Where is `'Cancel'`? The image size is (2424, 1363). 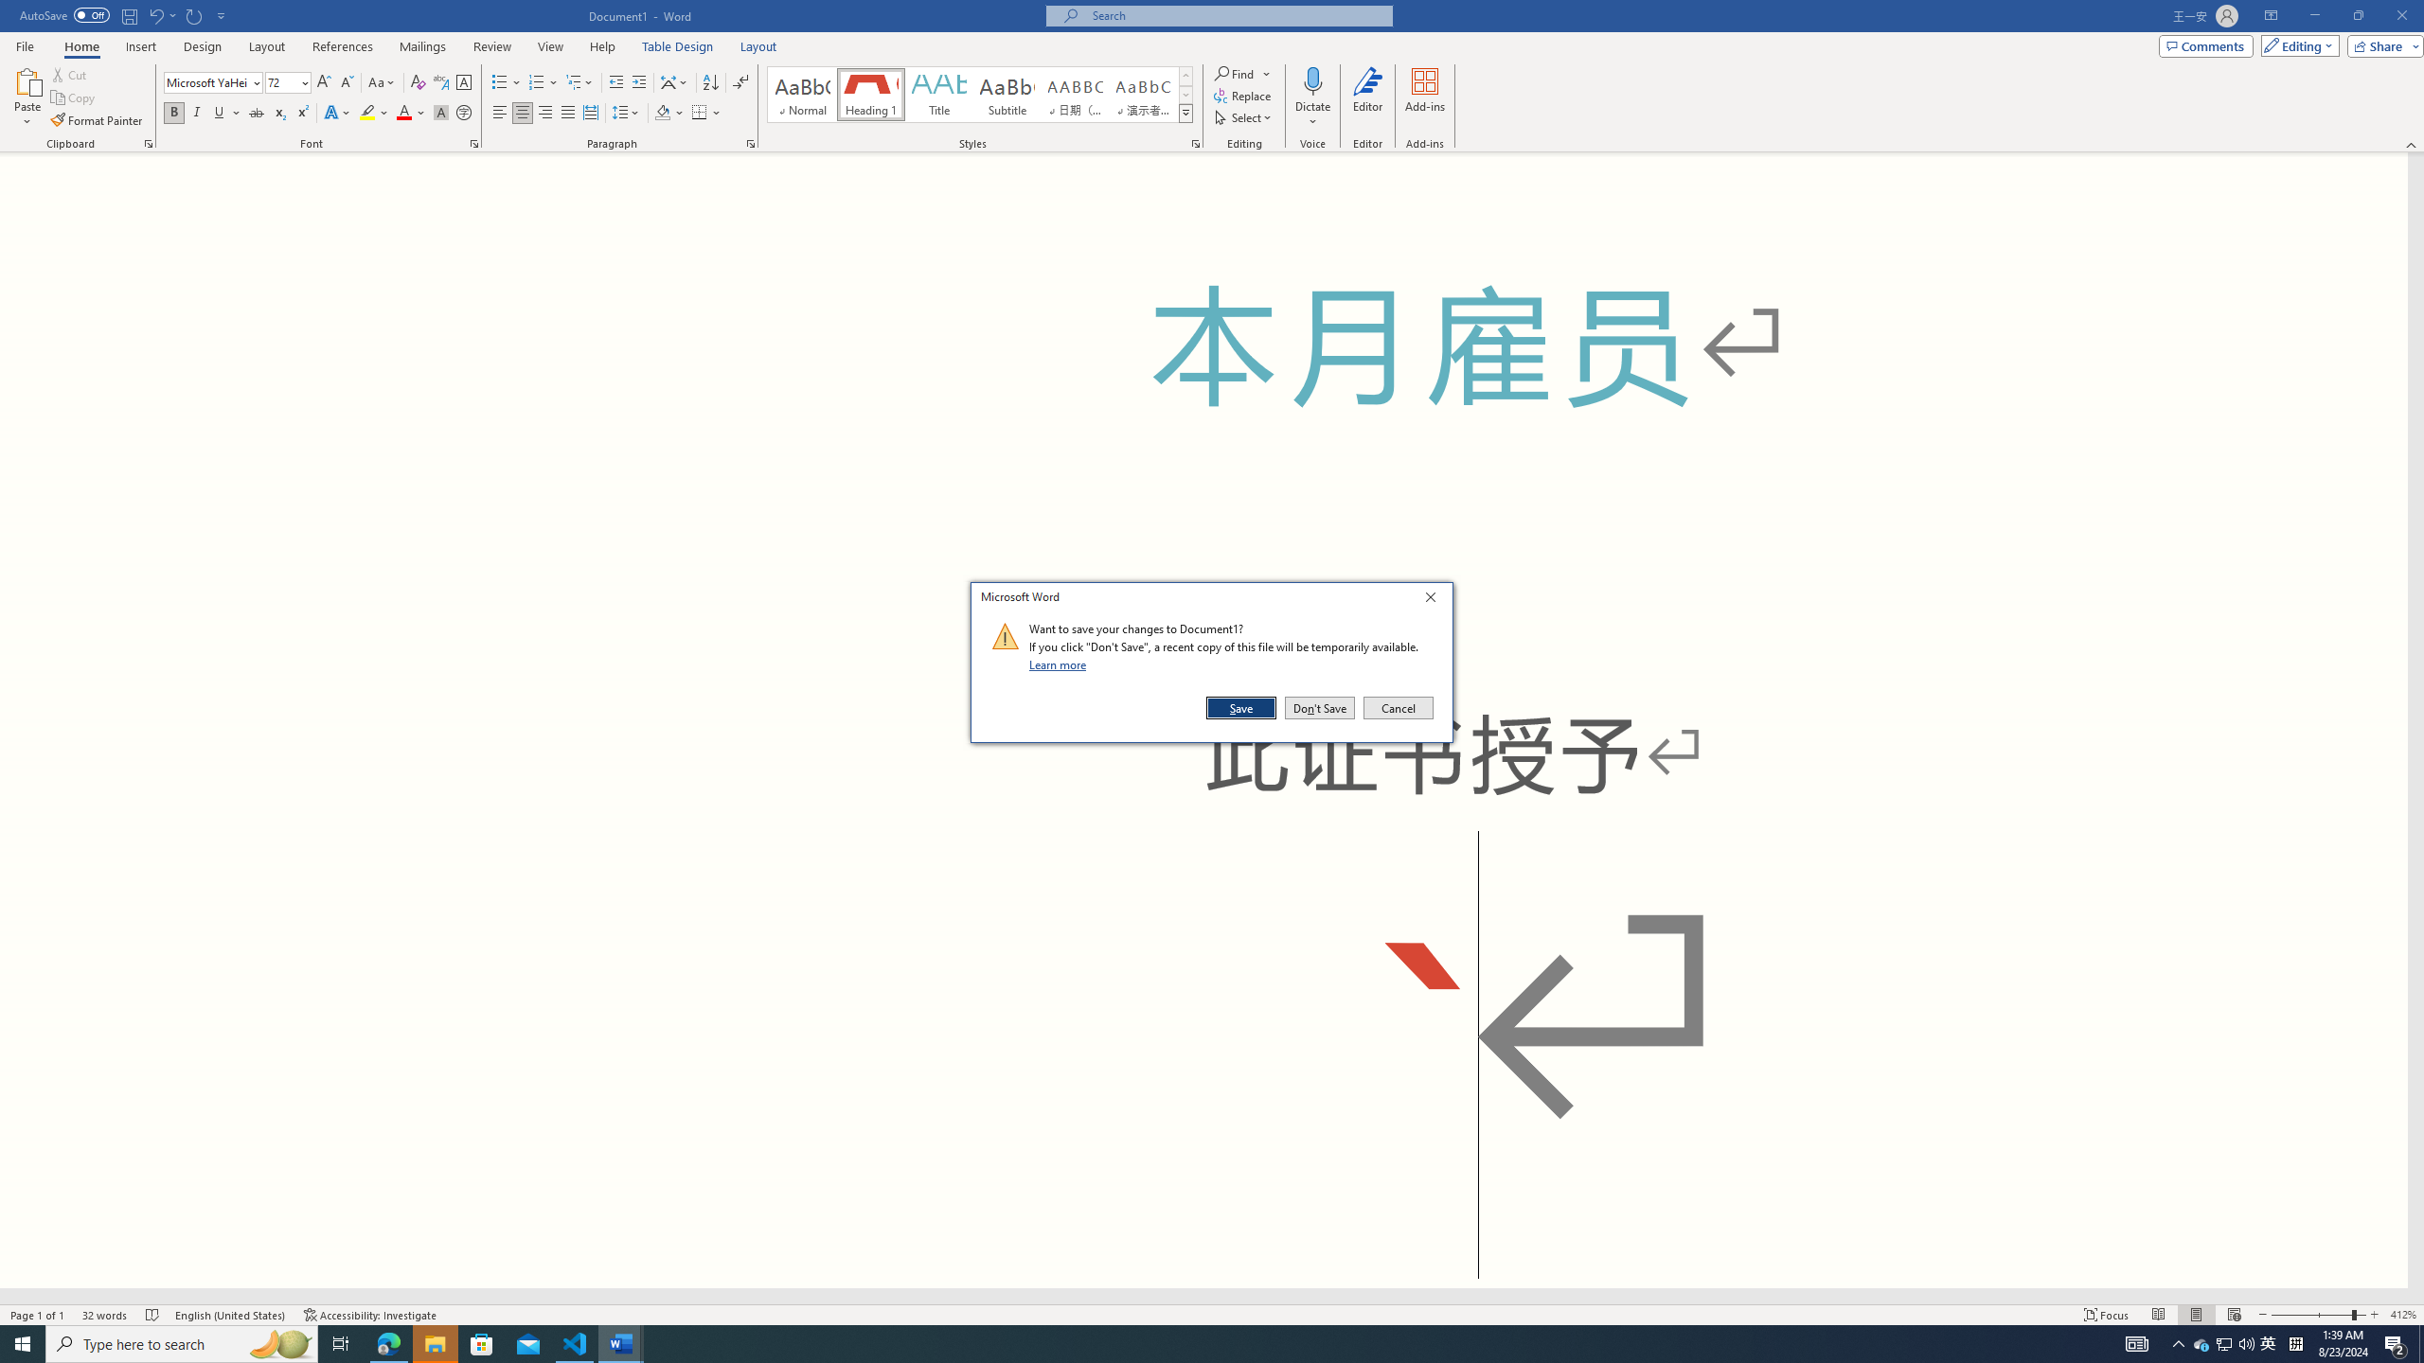 'Cancel' is located at coordinates (1397, 707).